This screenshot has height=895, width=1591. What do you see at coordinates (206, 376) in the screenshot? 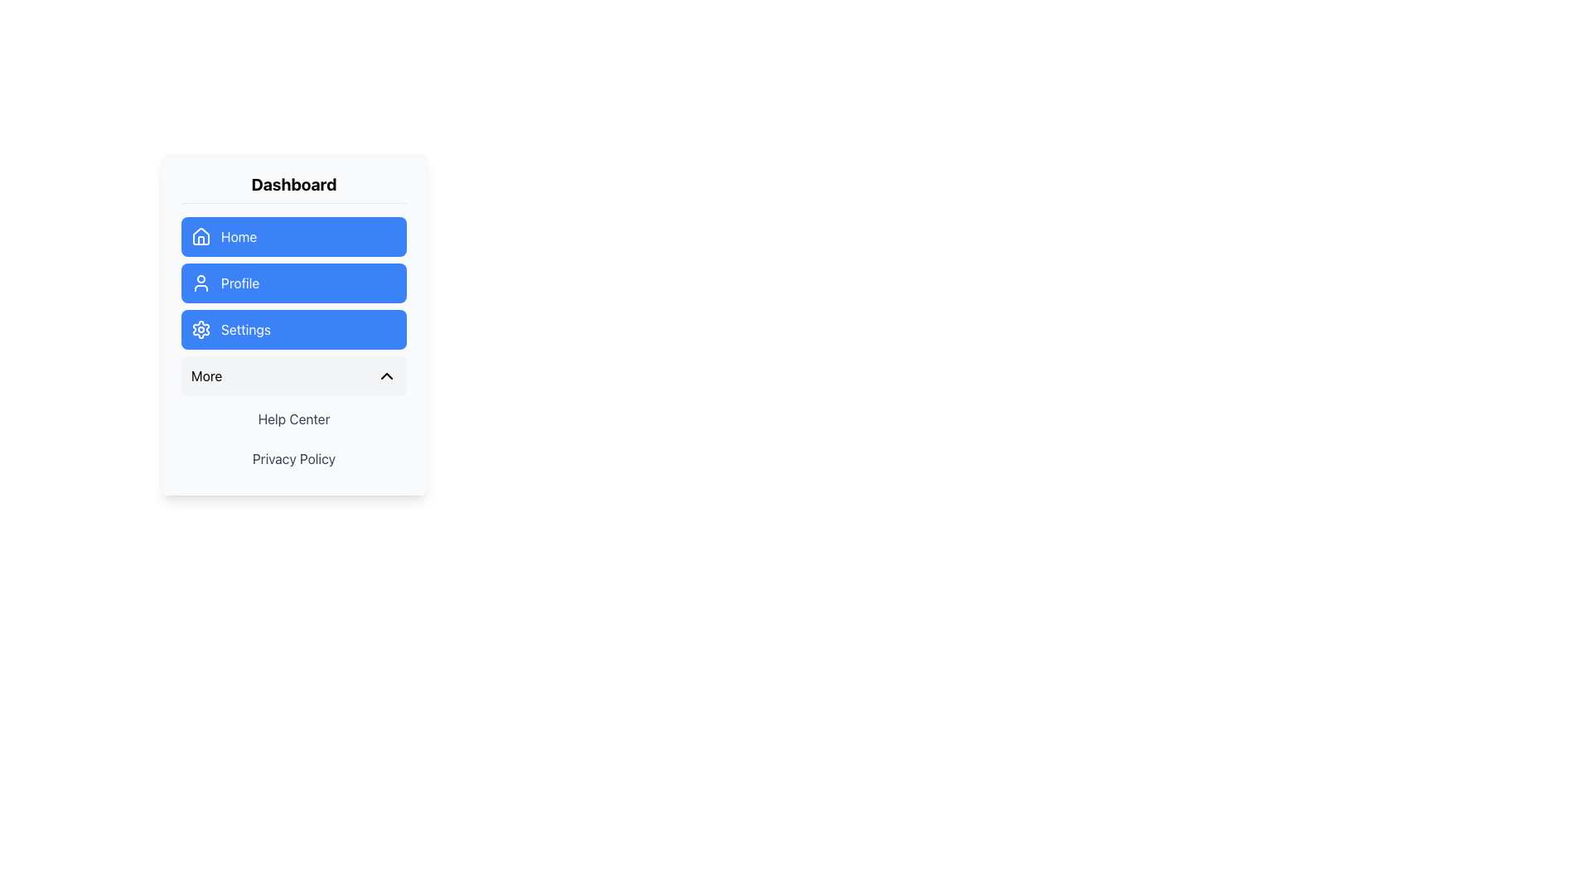
I see `the text label reading 'More' located on the left side of the menu, above 'Help Center' and 'Privacy Policy' links` at bounding box center [206, 376].